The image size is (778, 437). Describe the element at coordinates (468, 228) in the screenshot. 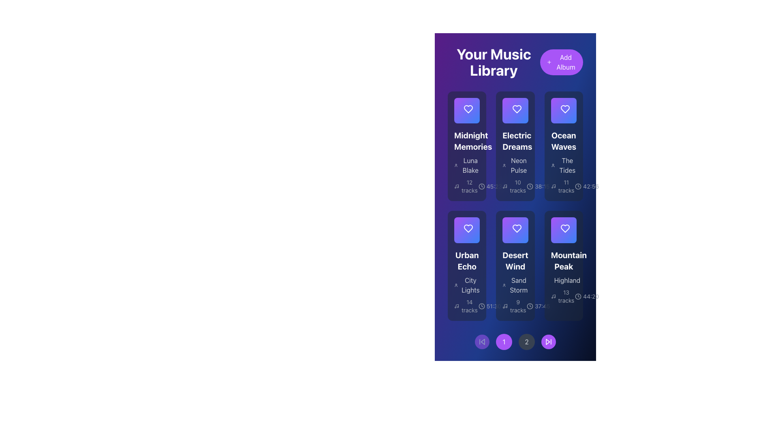

I see `the heart-shaped icon with a white outline located at the top-center of the 'Urban Echo' album card to favorite/unfavorite the album` at that location.